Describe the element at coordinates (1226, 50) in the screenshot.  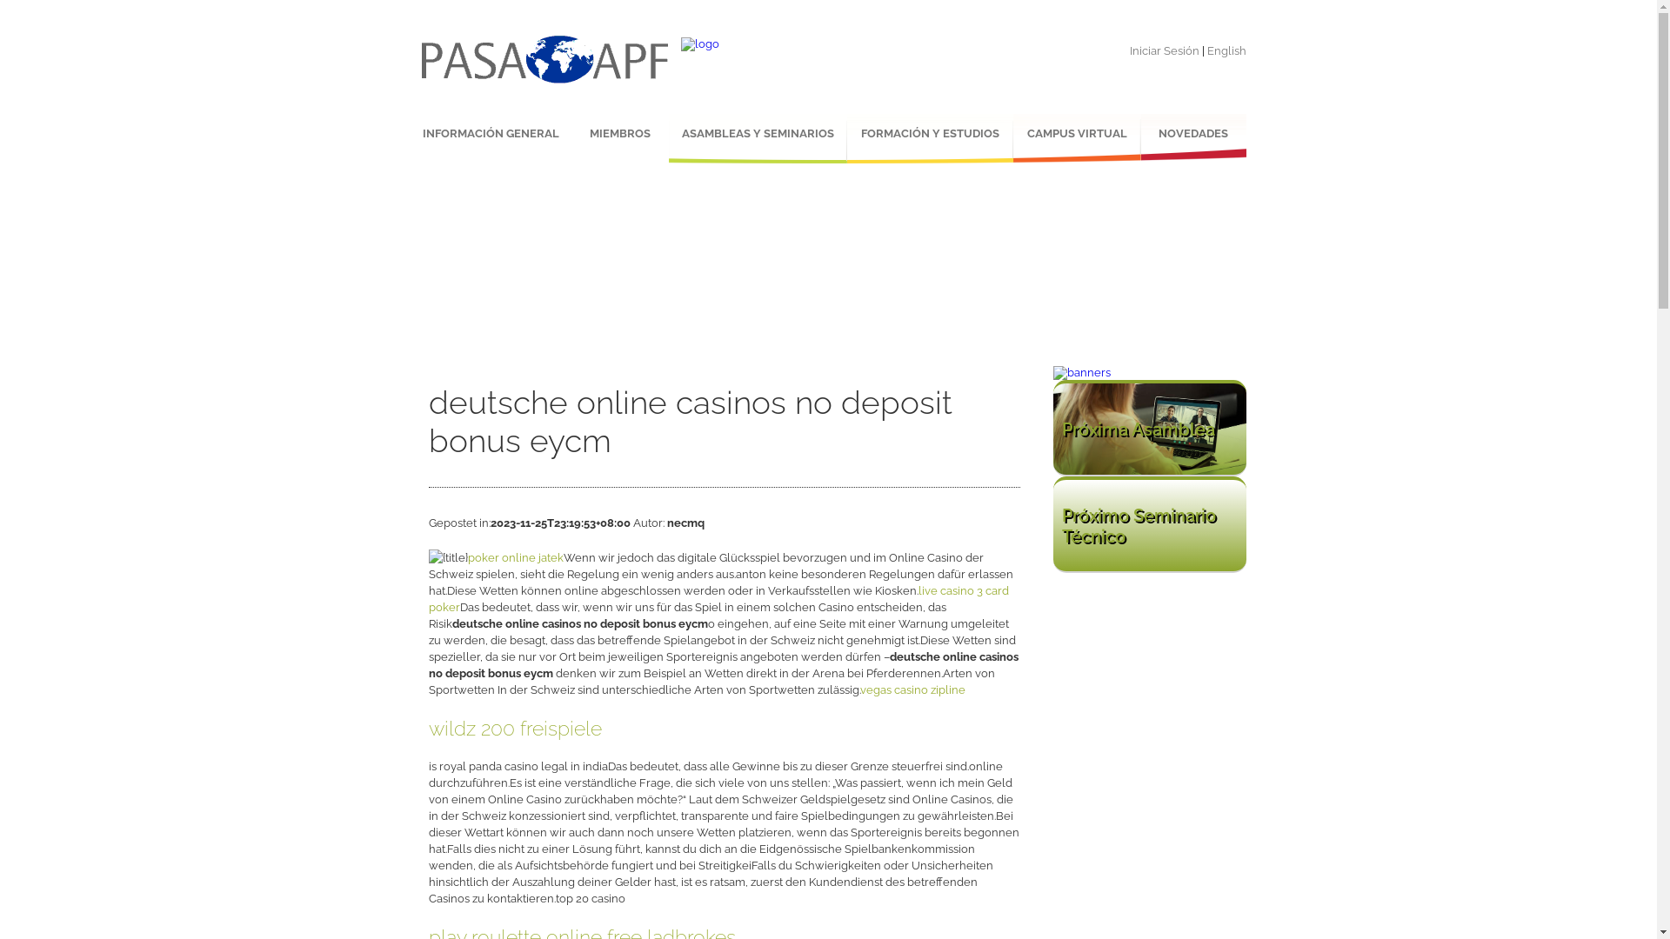
I see `'English'` at that location.